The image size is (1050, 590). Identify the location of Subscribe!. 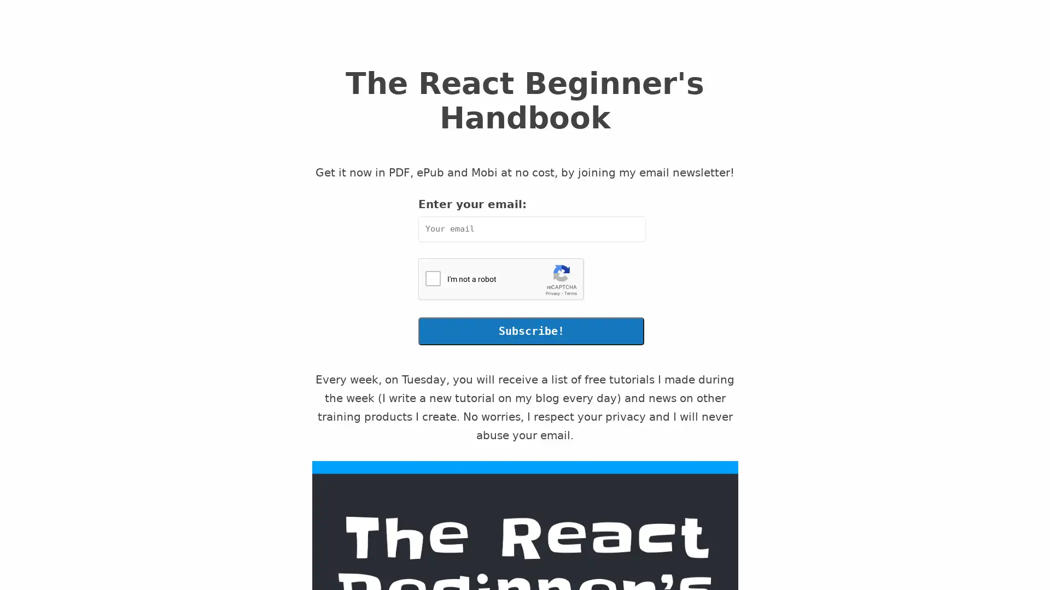
(531, 330).